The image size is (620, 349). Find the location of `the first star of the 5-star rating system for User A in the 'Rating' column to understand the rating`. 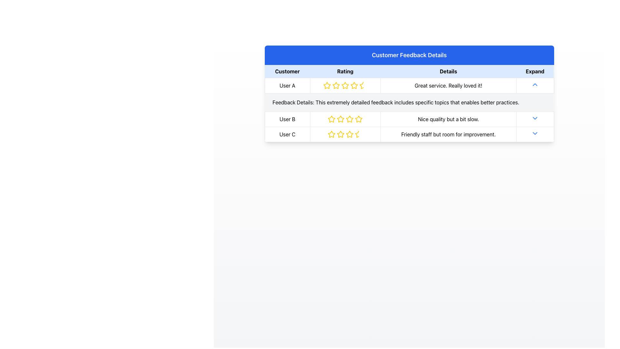

the first star of the 5-star rating system for User A in the 'Rating' column to understand the rating is located at coordinates (327, 85).